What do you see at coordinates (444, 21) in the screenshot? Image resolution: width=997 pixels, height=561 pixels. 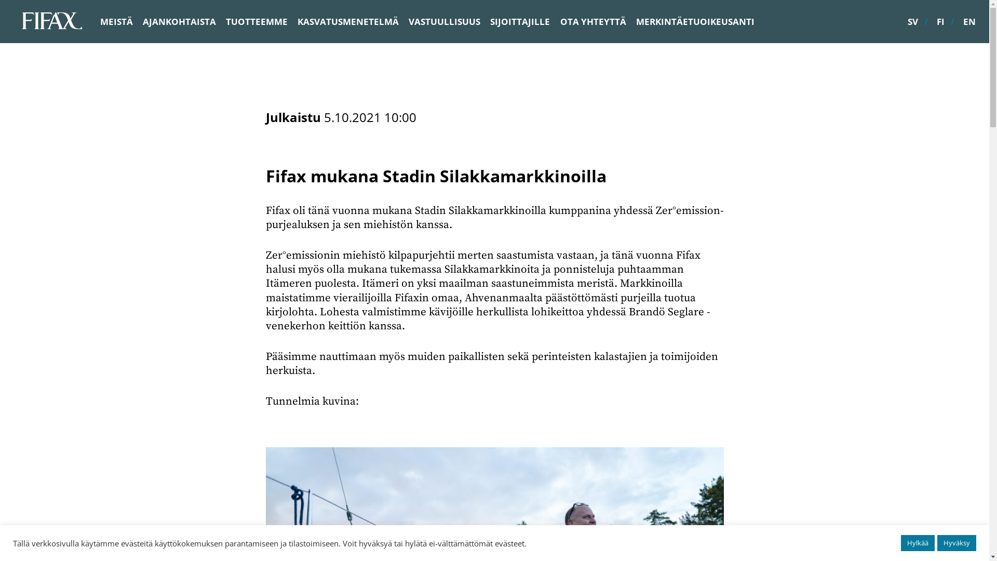 I see `'VASTUULLISUUS'` at bounding box center [444, 21].